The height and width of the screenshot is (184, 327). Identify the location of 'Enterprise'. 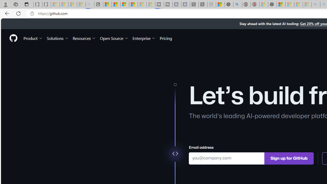
(144, 38).